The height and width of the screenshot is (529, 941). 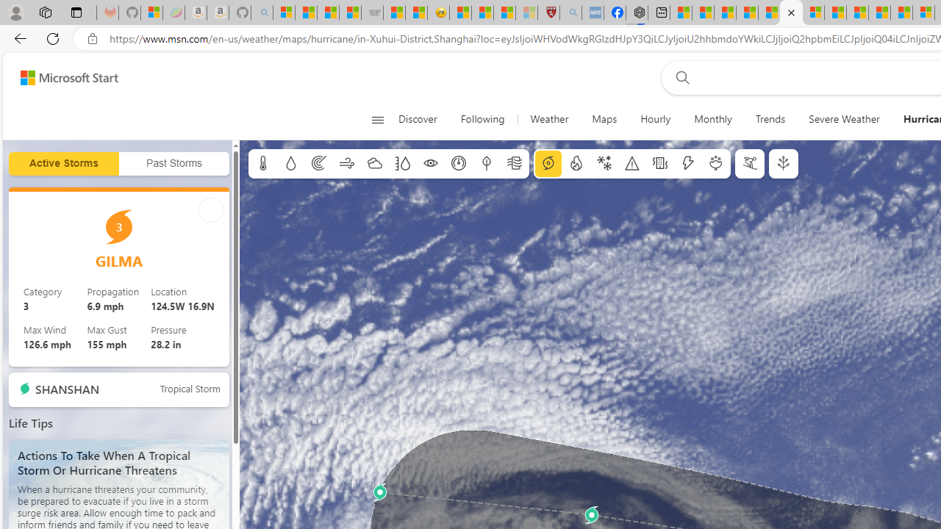 What do you see at coordinates (769, 119) in the screenshot?
I see `'Trends'` at bounding box center [769, 119].